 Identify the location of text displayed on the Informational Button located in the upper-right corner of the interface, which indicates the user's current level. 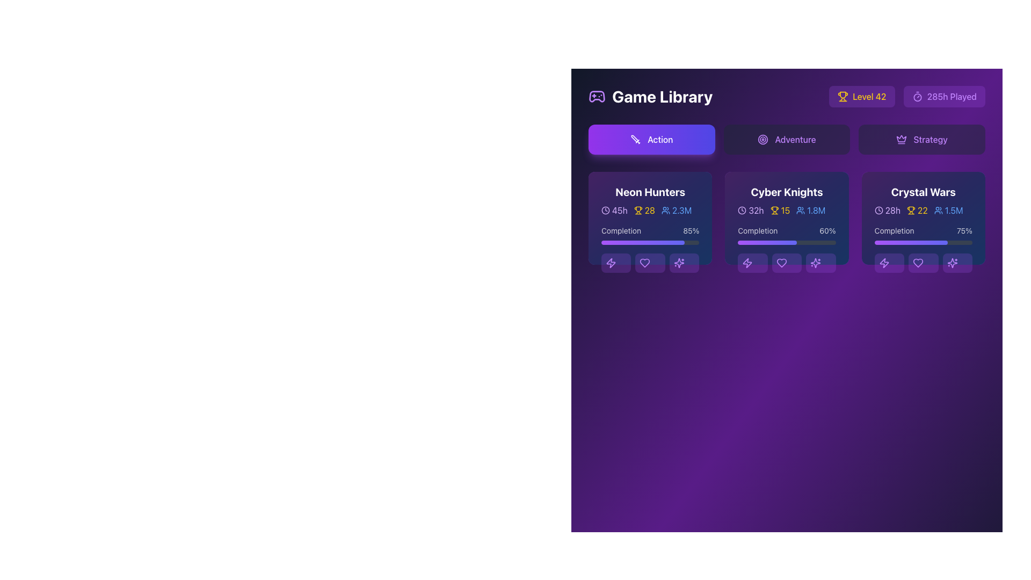
(862, 97).